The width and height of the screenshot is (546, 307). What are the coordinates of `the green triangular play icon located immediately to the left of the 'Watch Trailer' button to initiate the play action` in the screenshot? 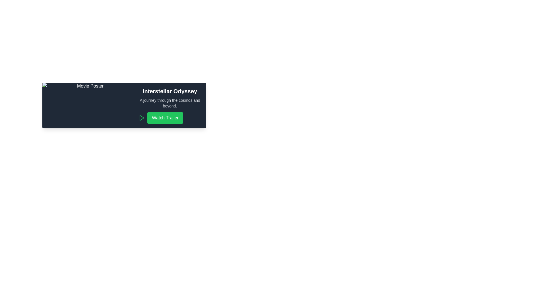 It's located at (142, 118).